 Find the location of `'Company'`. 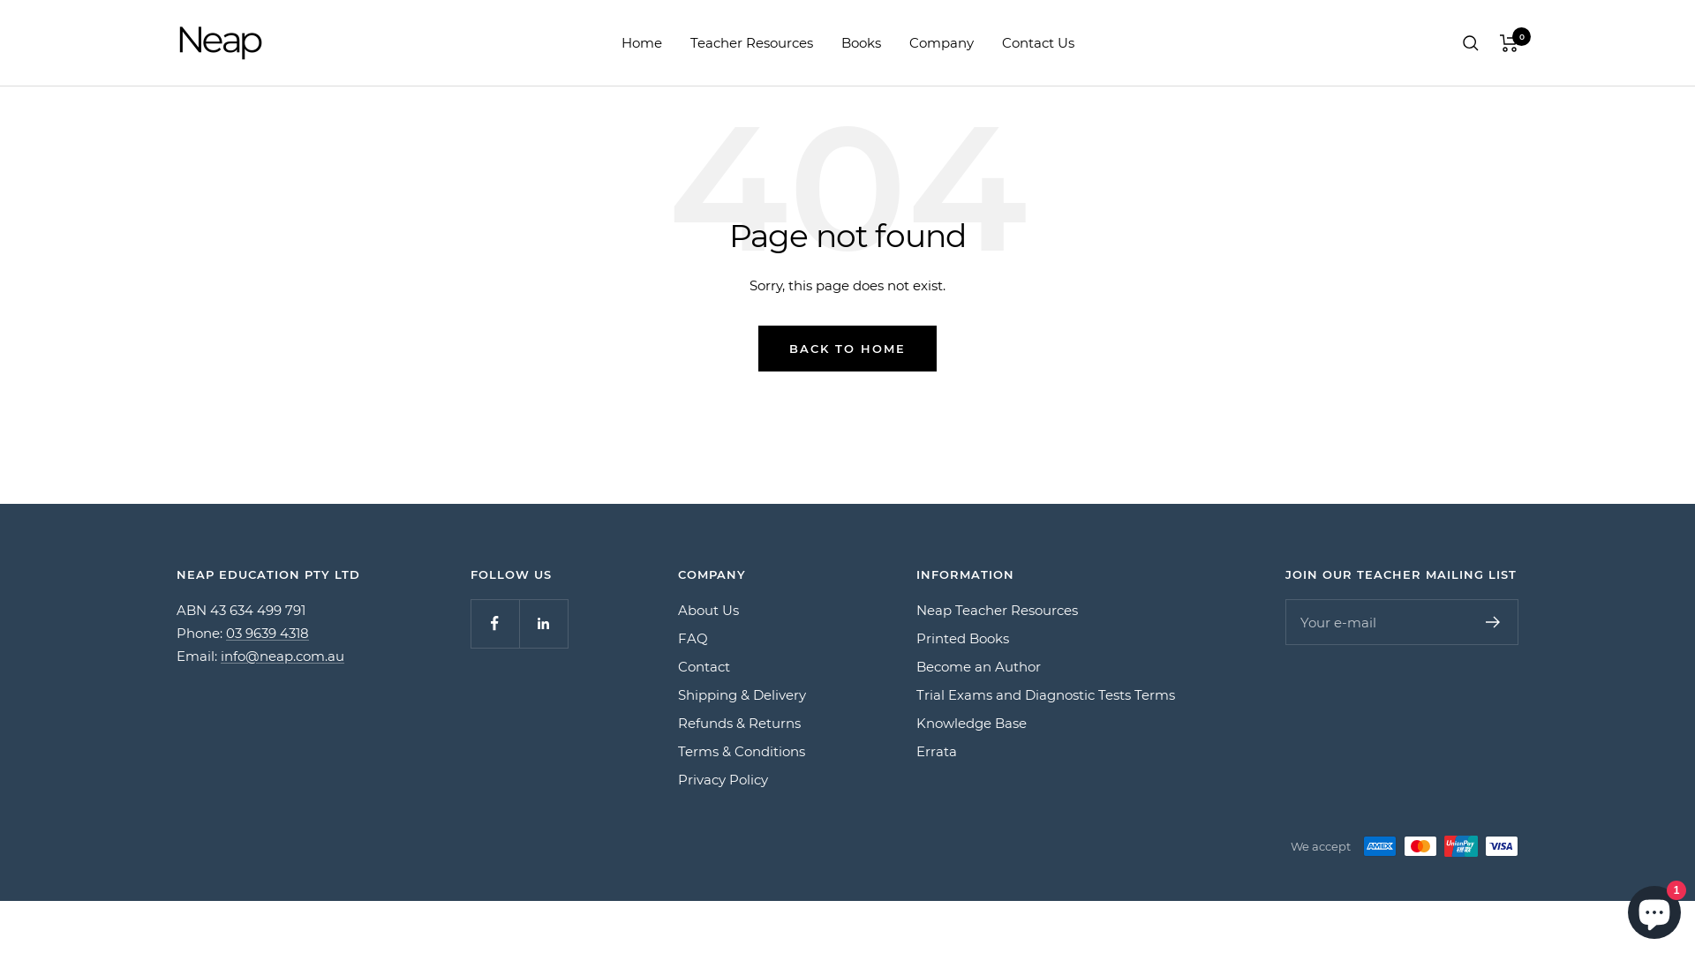

'Company' is located at coordinates (909, 42).